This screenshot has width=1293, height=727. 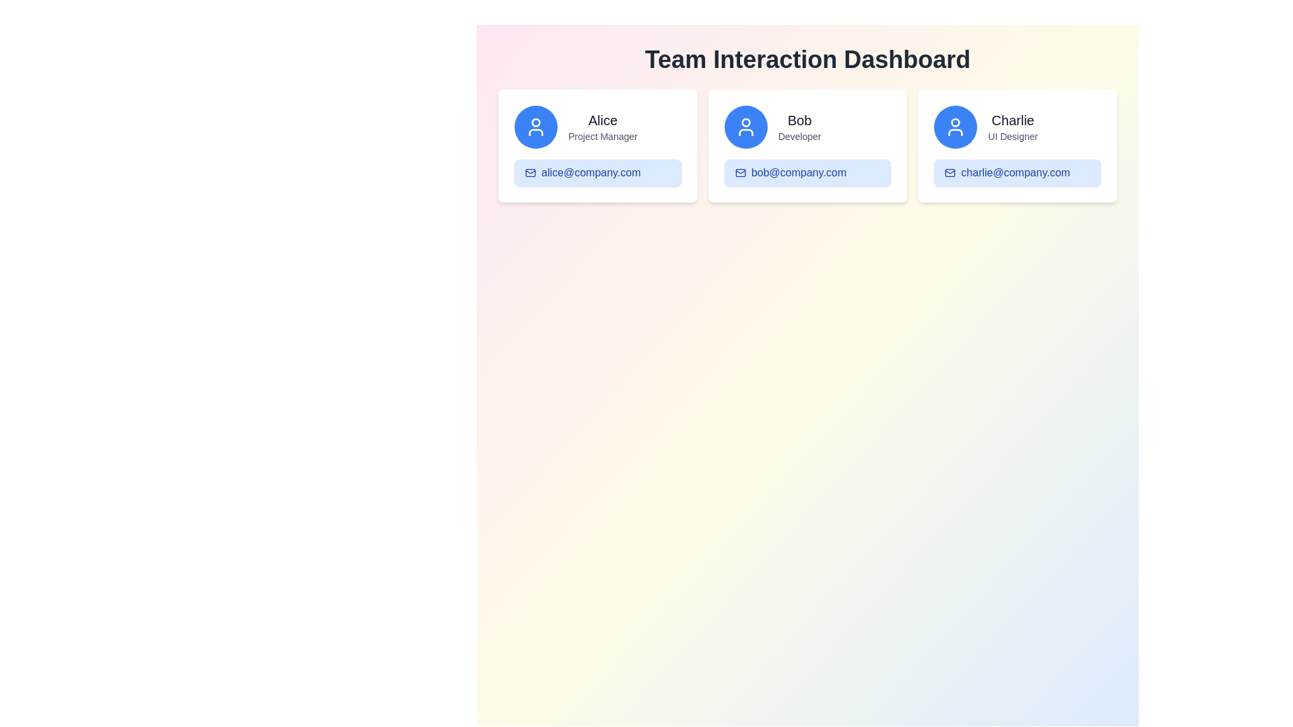 I want to click on the composite informational element for user 'Alice', which features a circular blue icon with a user graphic and text overlays displaying 'Alice' and 'Project Manager', so click(x=597, y=127).